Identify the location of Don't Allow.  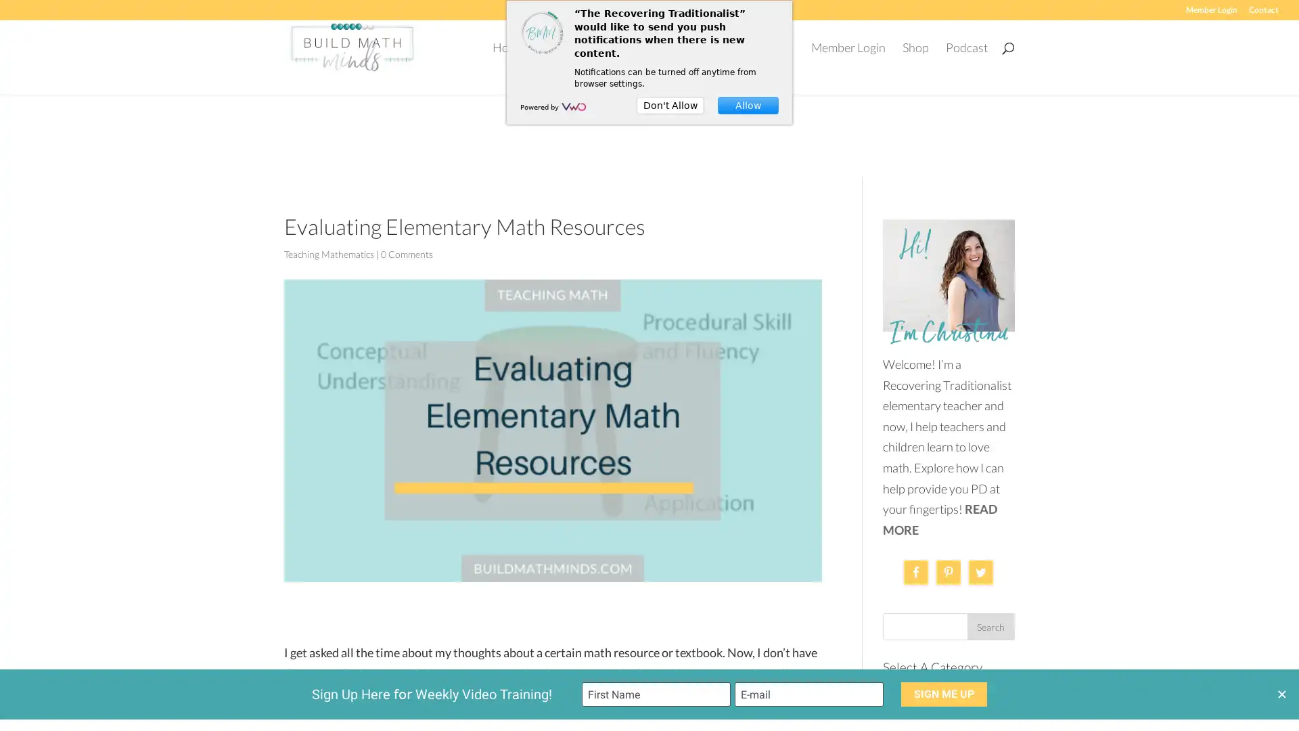
(670, 104).